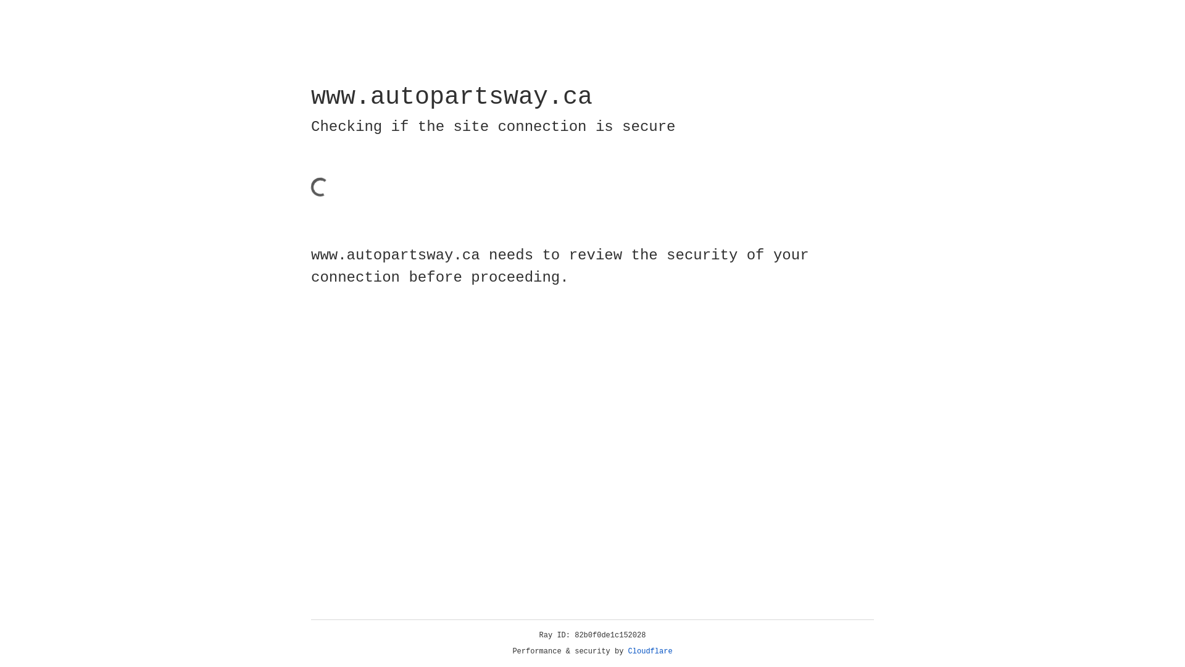 This screenshot has height=667, width=1185. What do you see at coordinates (650, 651) in the screenshot?
I see `'Cloudflare'` at bounding box center [650, 651].